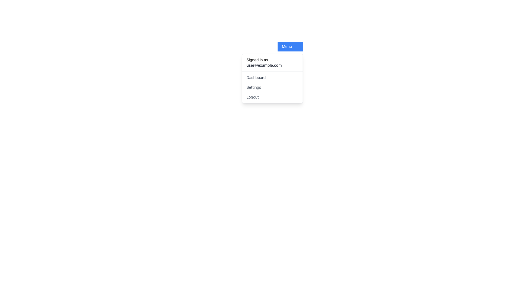 The height and width of the screenshot is (294, 522). Describe the element at coordinates (272, 97) in the screenshot. I see `the 'logout' hyperlink located at the bottom of the dropdown menu, which is the third option after 'Dashboard' and 'Settings', to log out of the current session` at that location.